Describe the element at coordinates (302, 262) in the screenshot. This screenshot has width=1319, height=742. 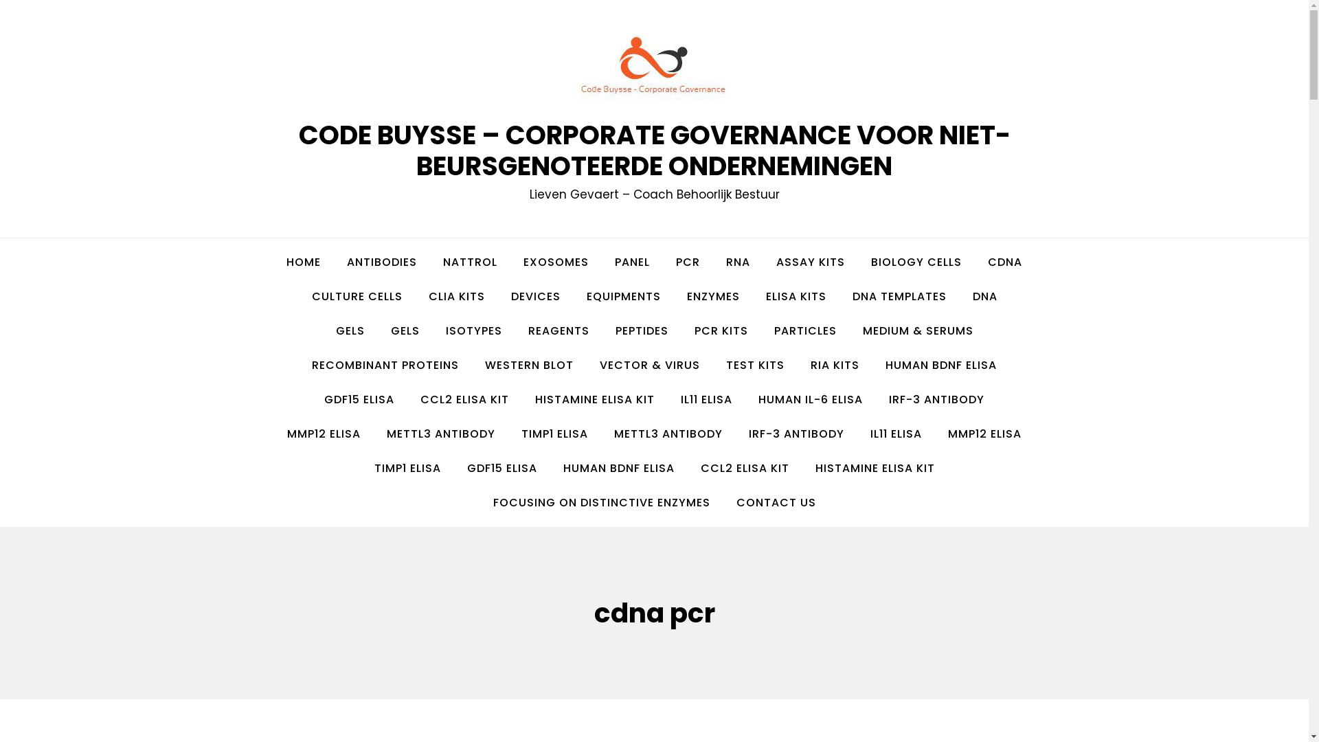
I see `'HOME'` at that location.